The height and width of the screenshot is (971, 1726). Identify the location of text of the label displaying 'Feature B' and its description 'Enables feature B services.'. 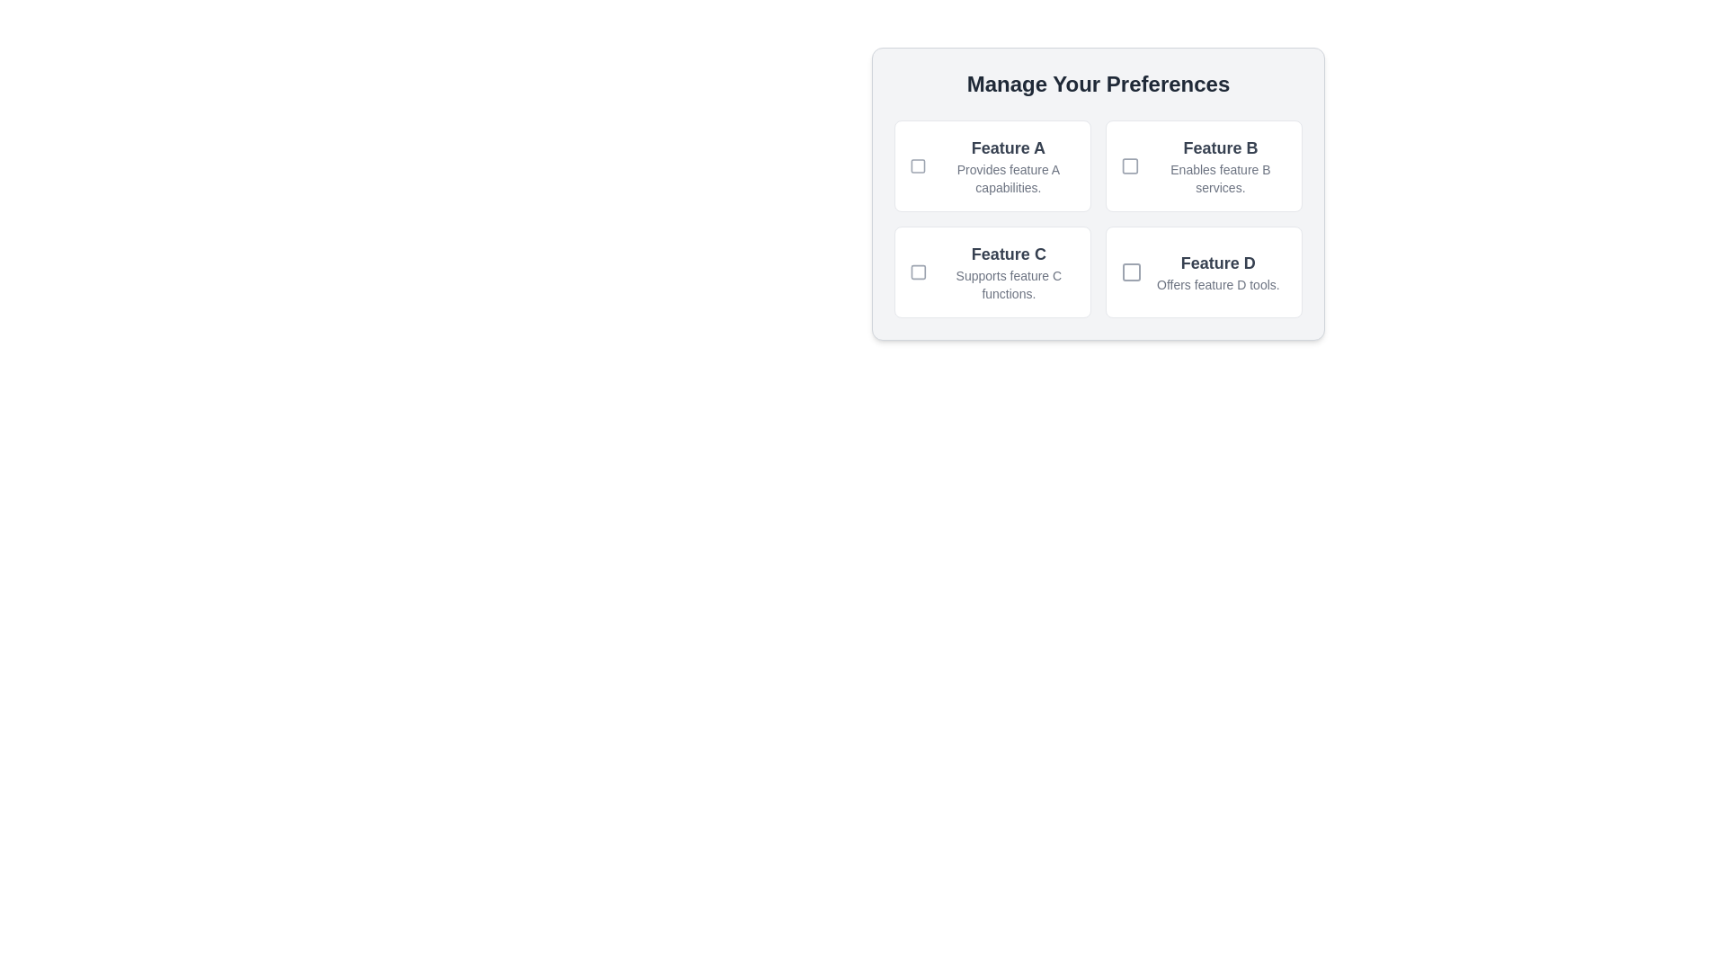
(1221, 166).